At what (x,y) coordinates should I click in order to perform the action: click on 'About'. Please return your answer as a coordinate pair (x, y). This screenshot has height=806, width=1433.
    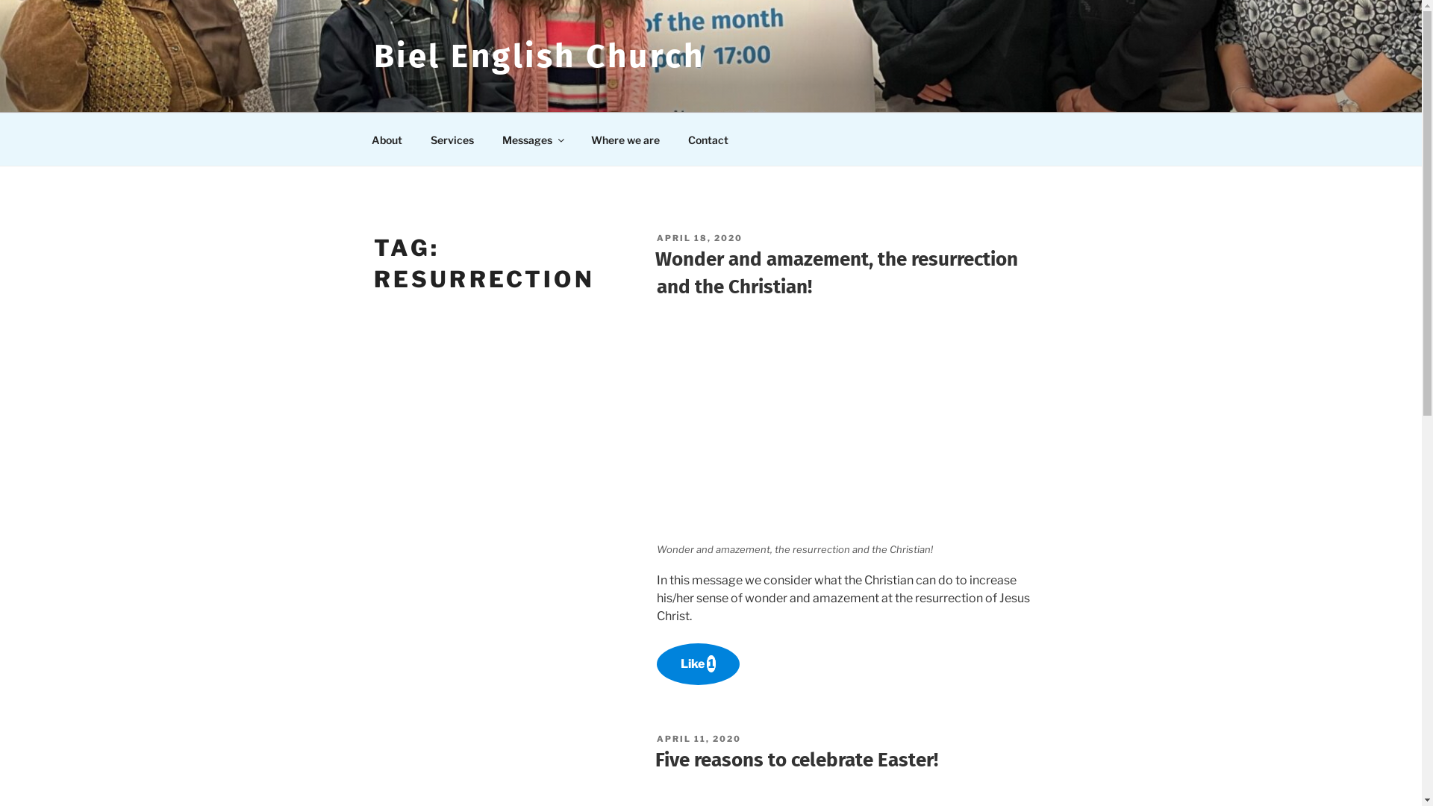
    Looking at the image, I should click on (387, 139).